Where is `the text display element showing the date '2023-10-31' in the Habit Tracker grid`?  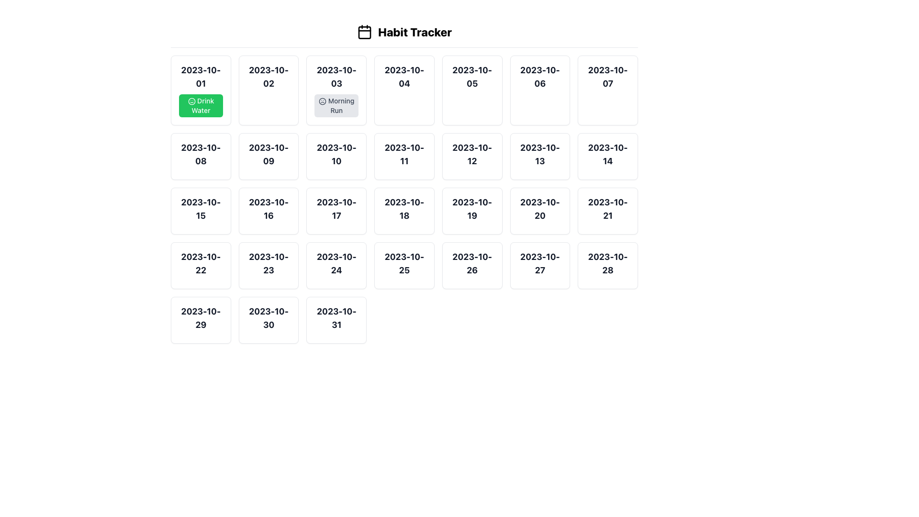
the text display element showing the date '2023-10-31' in the Habit Tracker grid is located at coordinates (336, 320).